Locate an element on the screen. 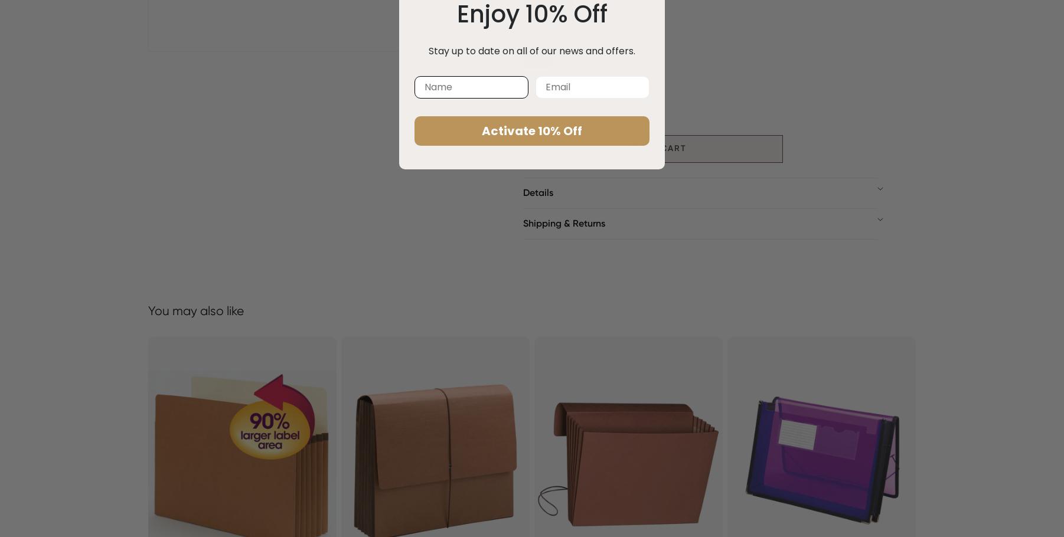 This screenshot has width=1064, height=537. 'Size: Letter' is located at coordinates (546, 283).